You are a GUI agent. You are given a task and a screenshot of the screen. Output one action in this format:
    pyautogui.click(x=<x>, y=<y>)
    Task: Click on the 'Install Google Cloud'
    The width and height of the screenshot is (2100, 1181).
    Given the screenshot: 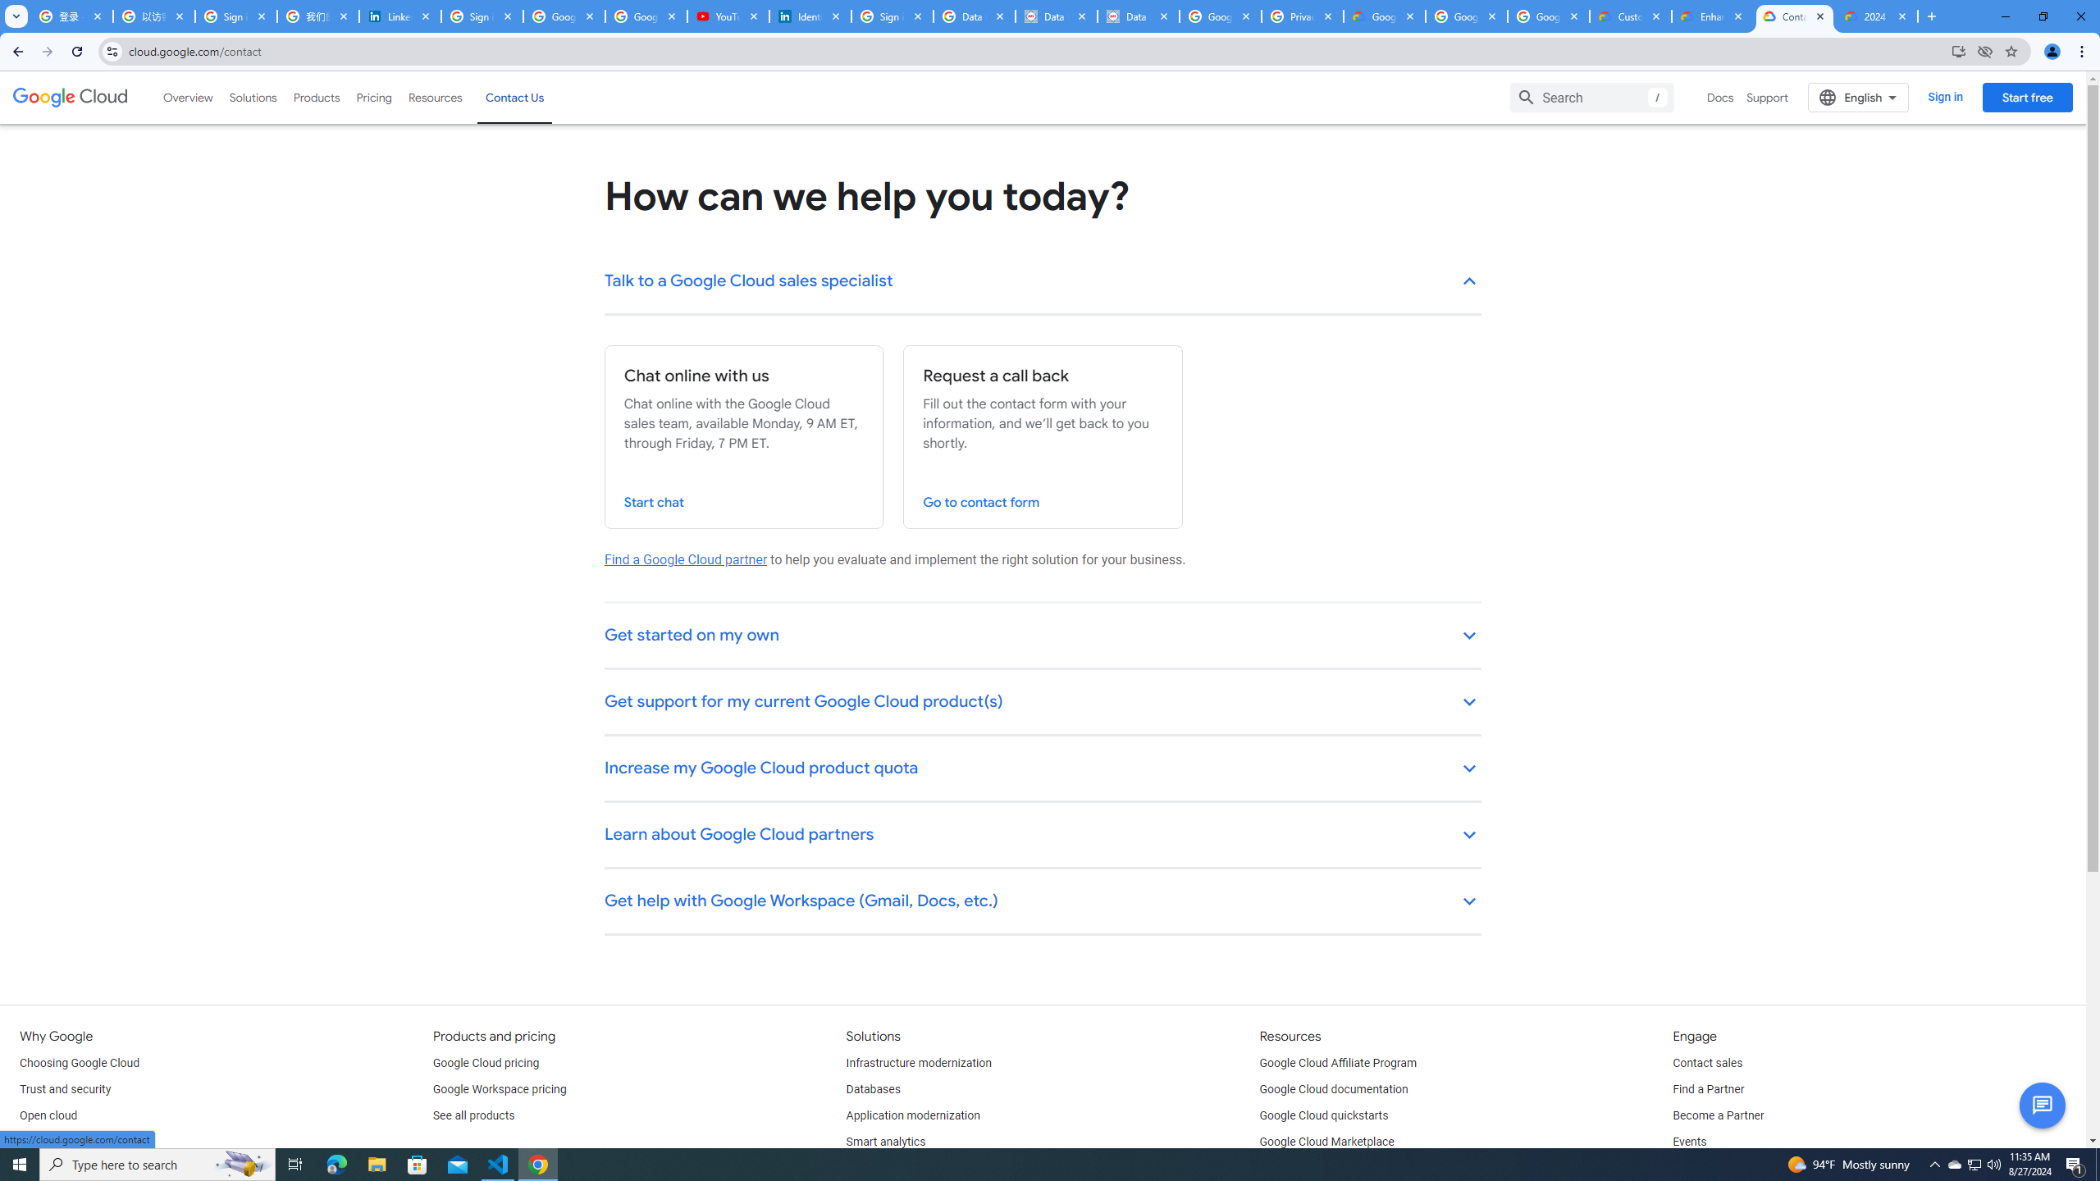 What is the action you would take?
    pyautogui.click(x=1959, y=50)
    